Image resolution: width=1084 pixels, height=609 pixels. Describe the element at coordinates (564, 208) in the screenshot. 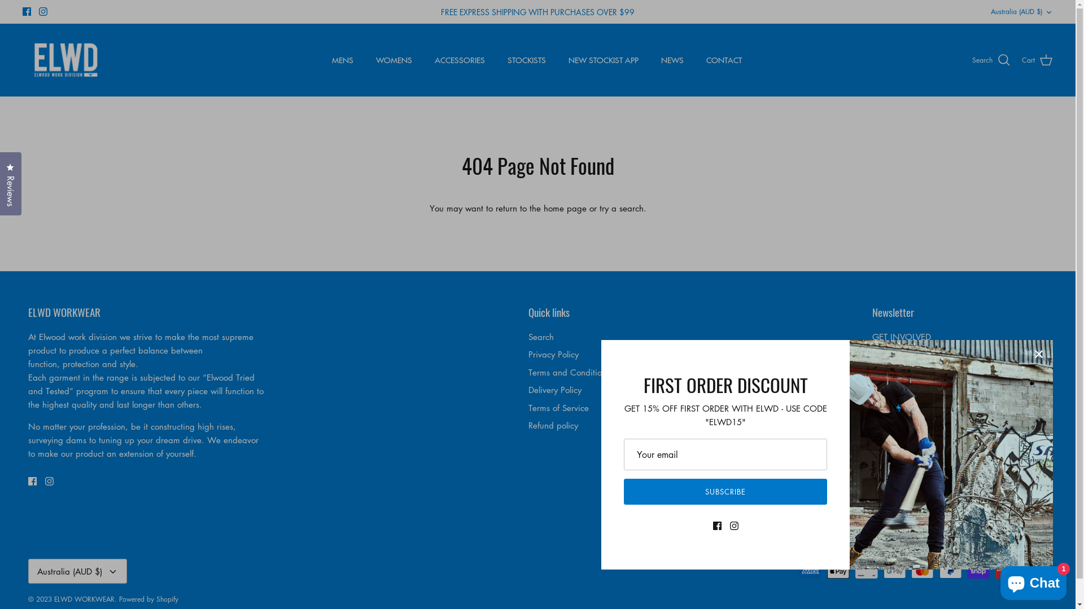

I see `'home page'` at that location.